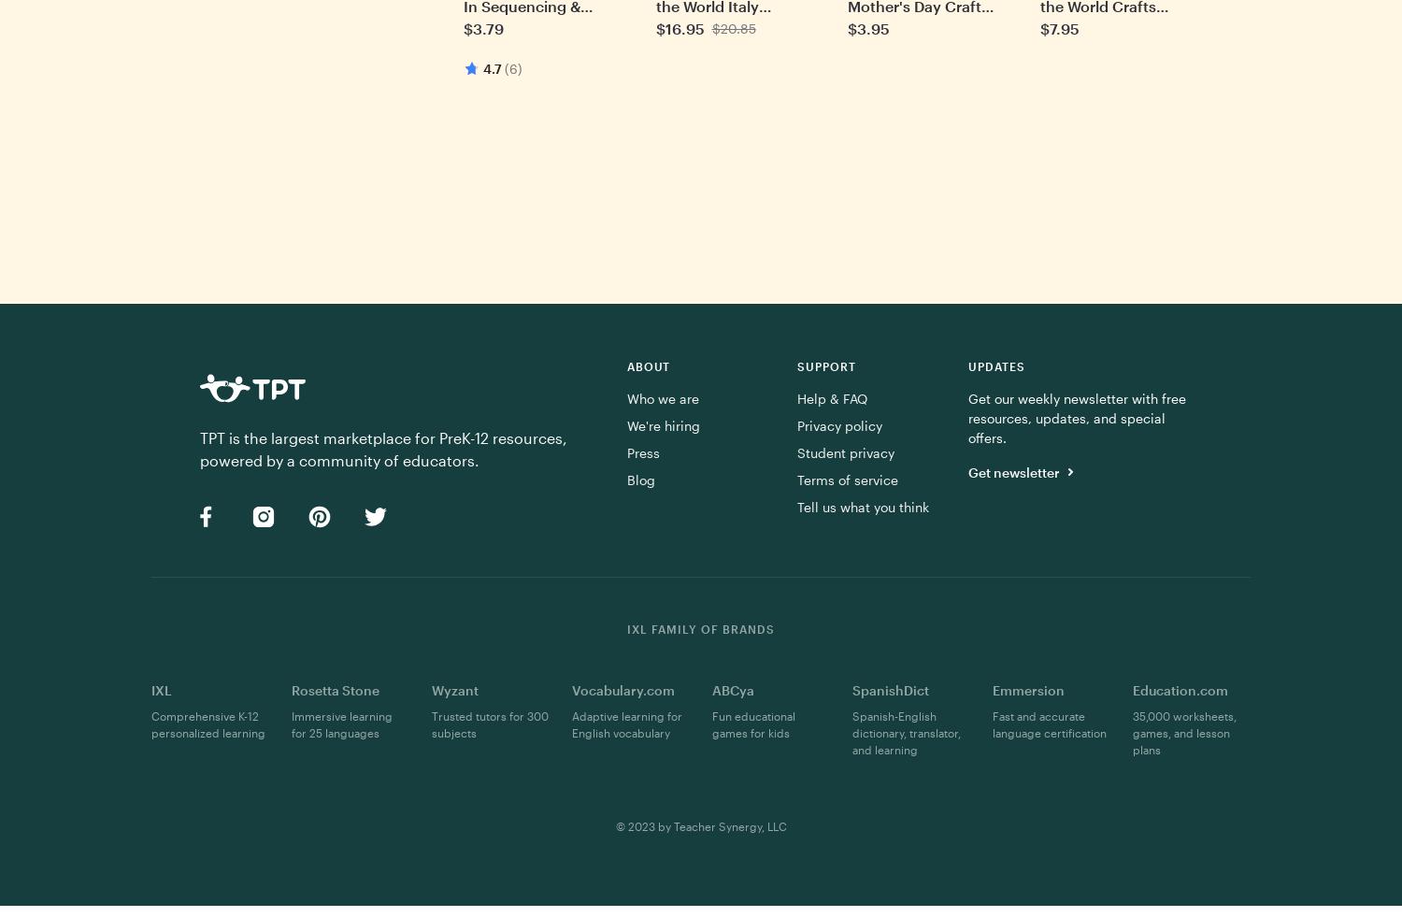  I want to click on 'Wyzant', so click(431, 690).